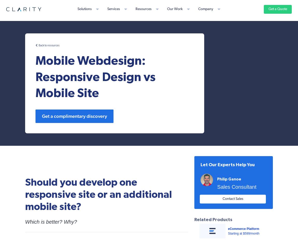  What do you see at coordinates (229, 179) in the screenshot?
I see `'Philip Ganoe'` at bounding box center [229, 179].